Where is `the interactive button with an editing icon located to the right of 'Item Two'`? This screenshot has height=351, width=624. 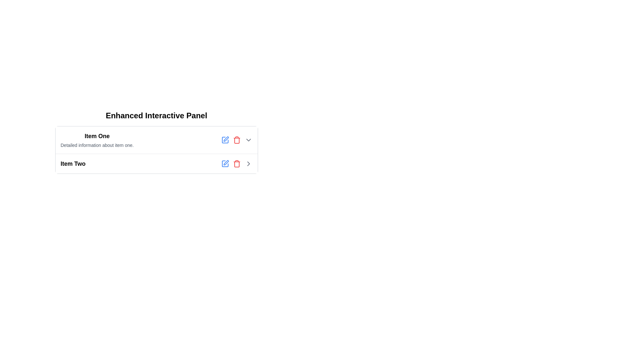 the interactive button with an editing icon located to the right of 'Item Two' is located at coordinates (225, 163).